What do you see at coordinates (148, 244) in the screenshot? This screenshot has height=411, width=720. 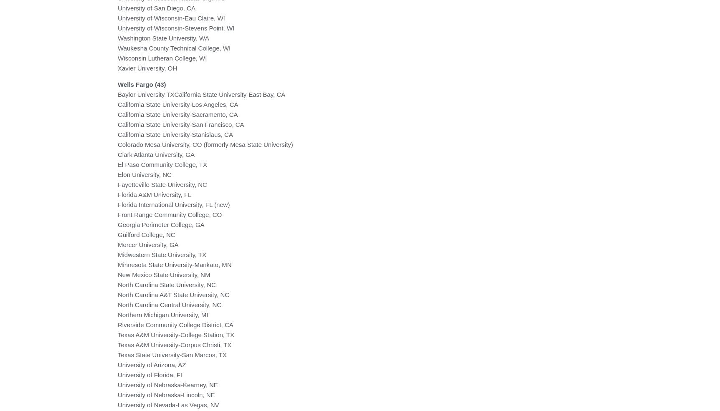 I see `'Mercer University, GA'` at bounding box center [148, 244].